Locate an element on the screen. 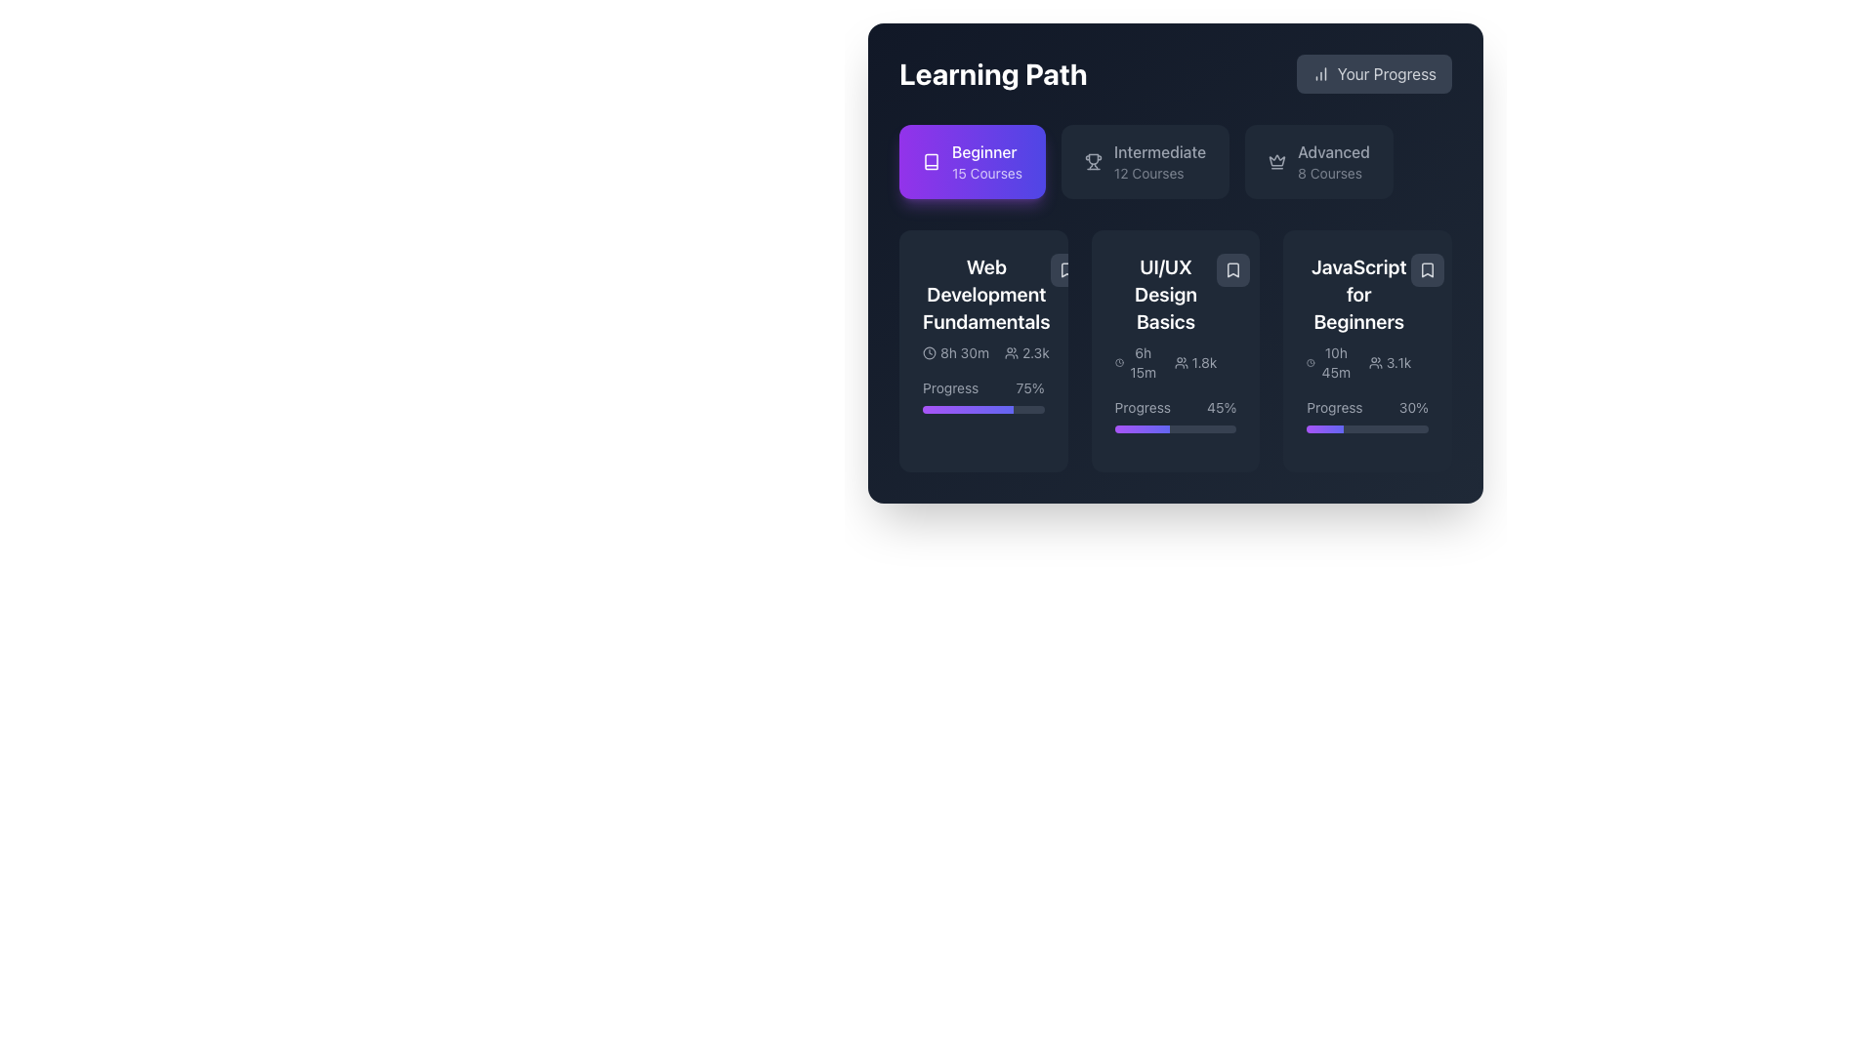 The height and width of the screenshot is (1054, 1875). the informational UI component displaying the course title 'JavaScript for Beginners', which is located in the third card of the grid layout under the 'Beginner' section is located at coordinates (1357, 317).